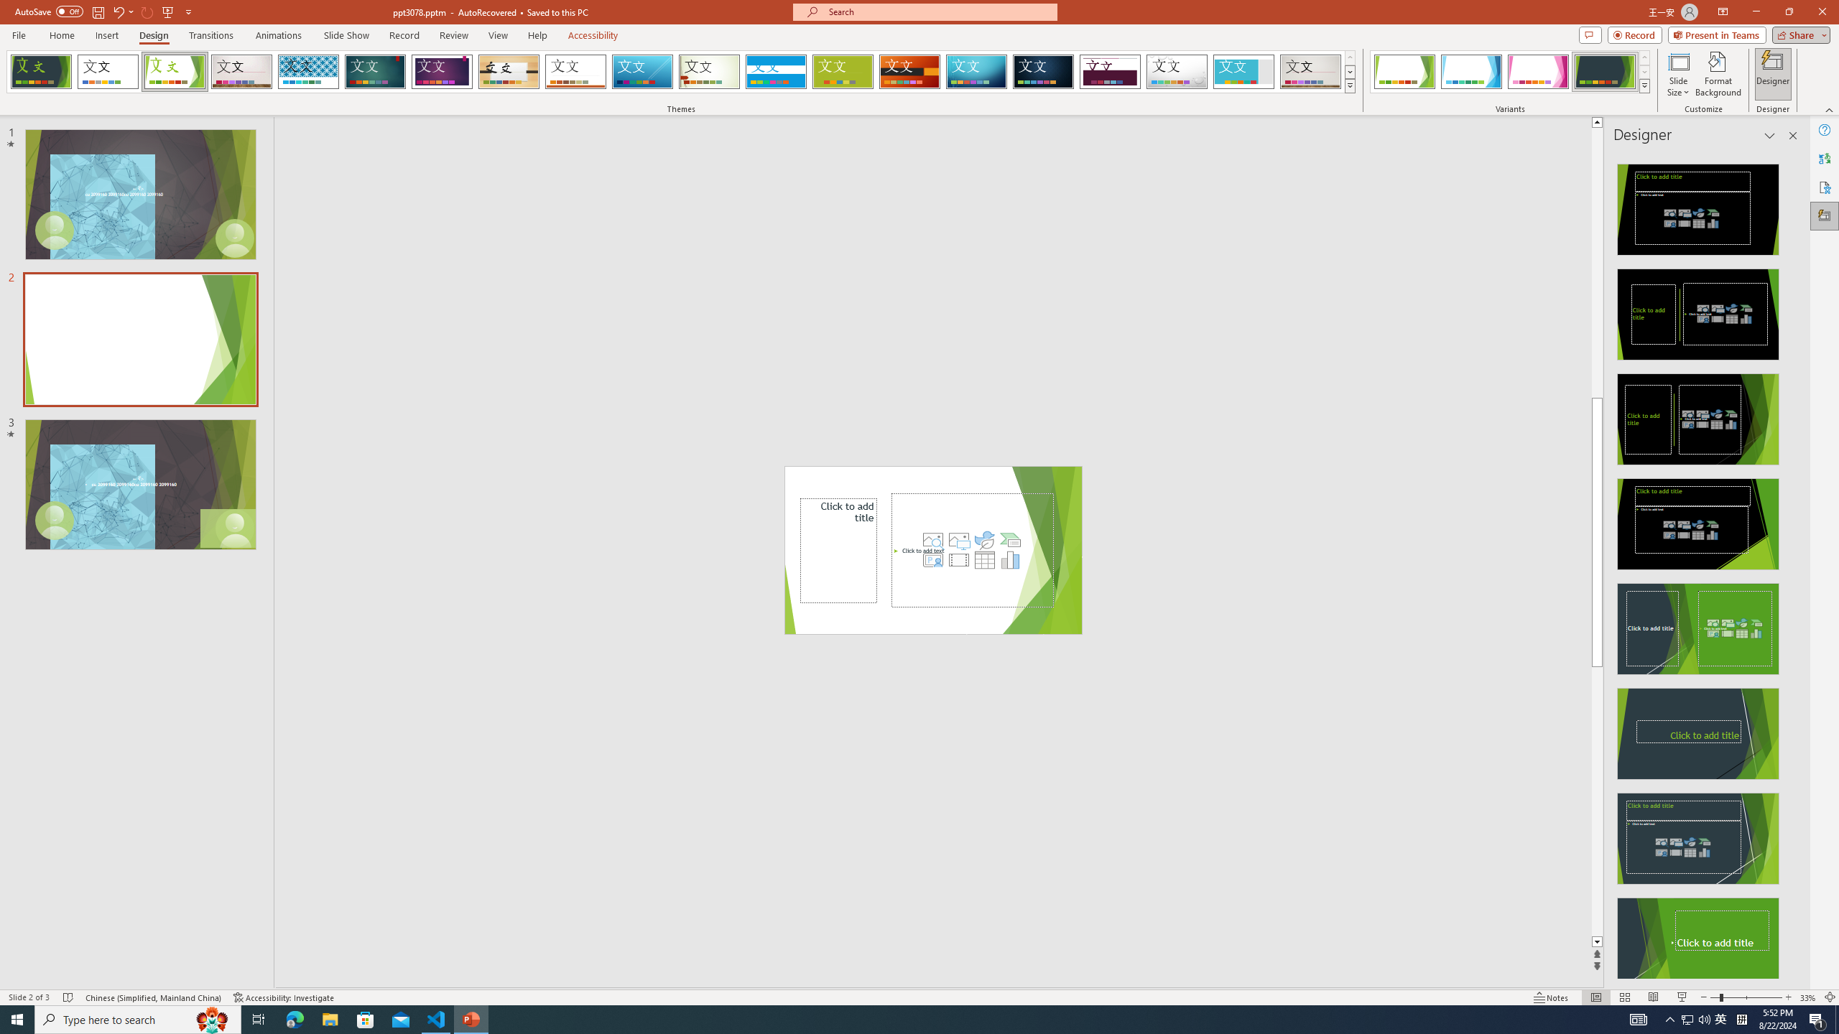 The image size is (1839, 1034). Describe the element at coordinates (933, 559) in the screenshot. I see `'Insert Cameo'` at that location.